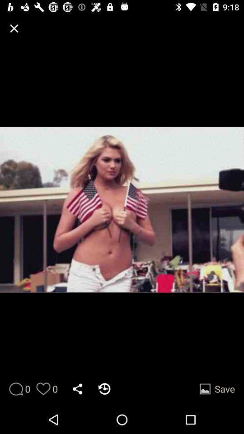  What do you see at coordinates (77, 388) in the screenshot?
I see `the share icon` at bounding box center [77, 388].